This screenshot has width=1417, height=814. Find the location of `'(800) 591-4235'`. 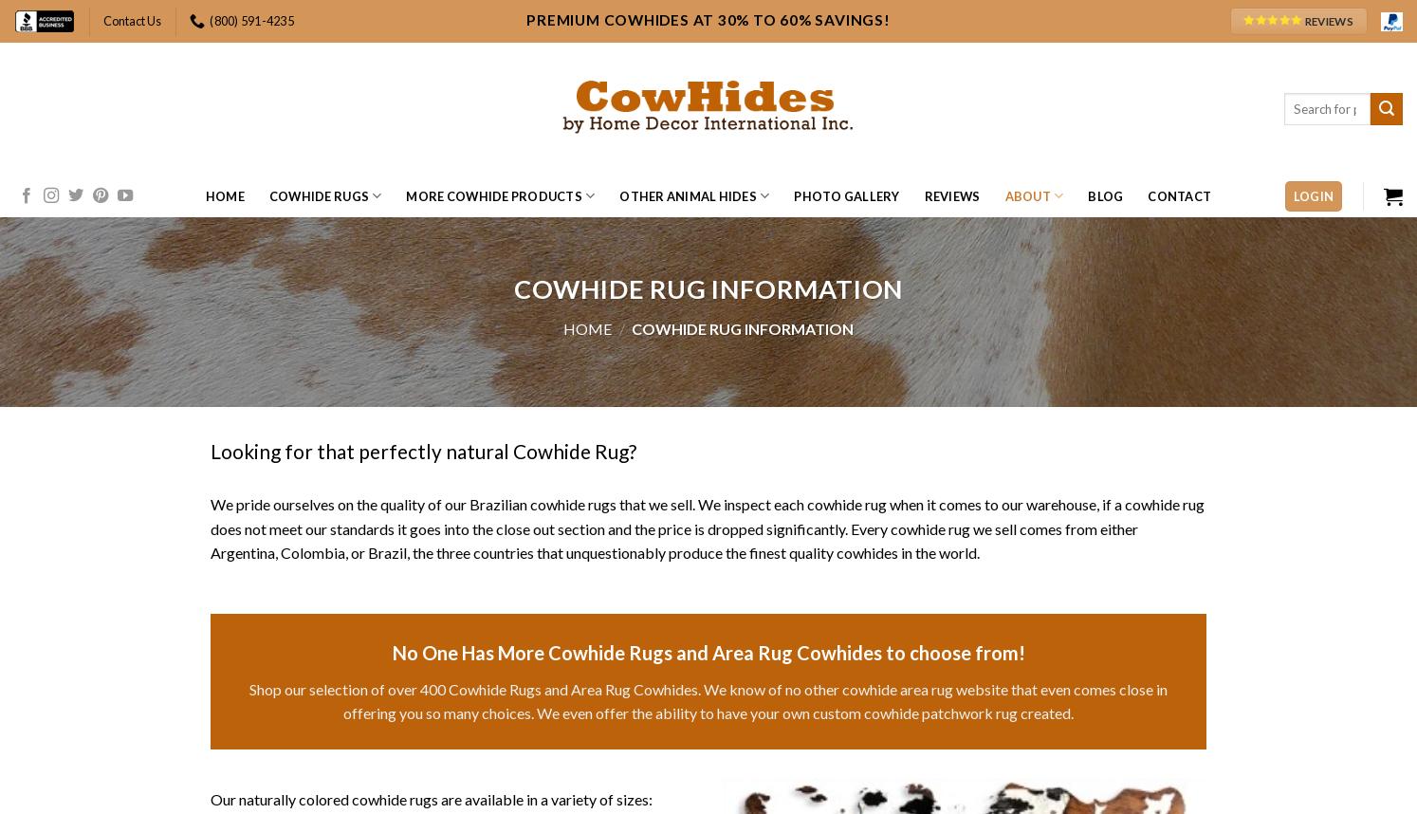

'(800) 591-4235' is located at coordinates (251, 20).